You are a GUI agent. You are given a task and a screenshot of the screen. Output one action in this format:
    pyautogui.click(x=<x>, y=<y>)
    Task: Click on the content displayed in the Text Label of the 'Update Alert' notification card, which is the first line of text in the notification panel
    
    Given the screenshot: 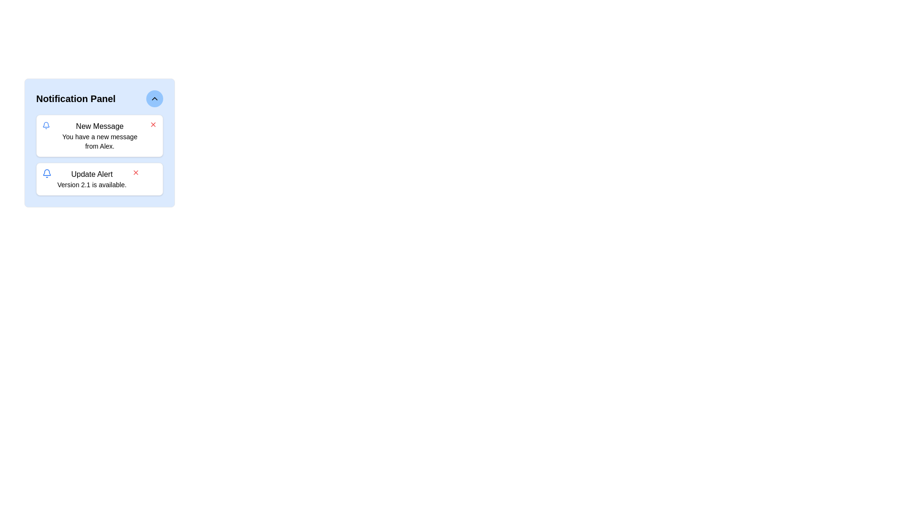 What is the action you would take?
    pyautogui.click(x=92, y=174)
    